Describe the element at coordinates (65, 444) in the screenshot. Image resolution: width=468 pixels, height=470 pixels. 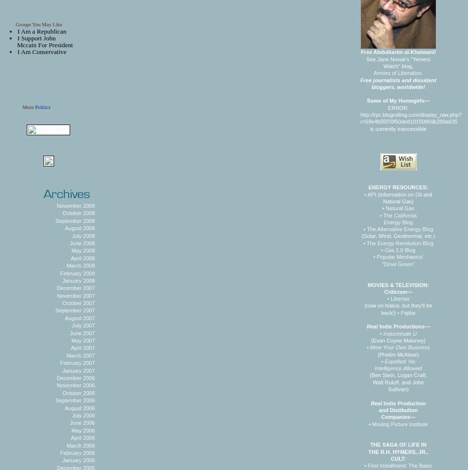
I see `'March 2006'` at that location.